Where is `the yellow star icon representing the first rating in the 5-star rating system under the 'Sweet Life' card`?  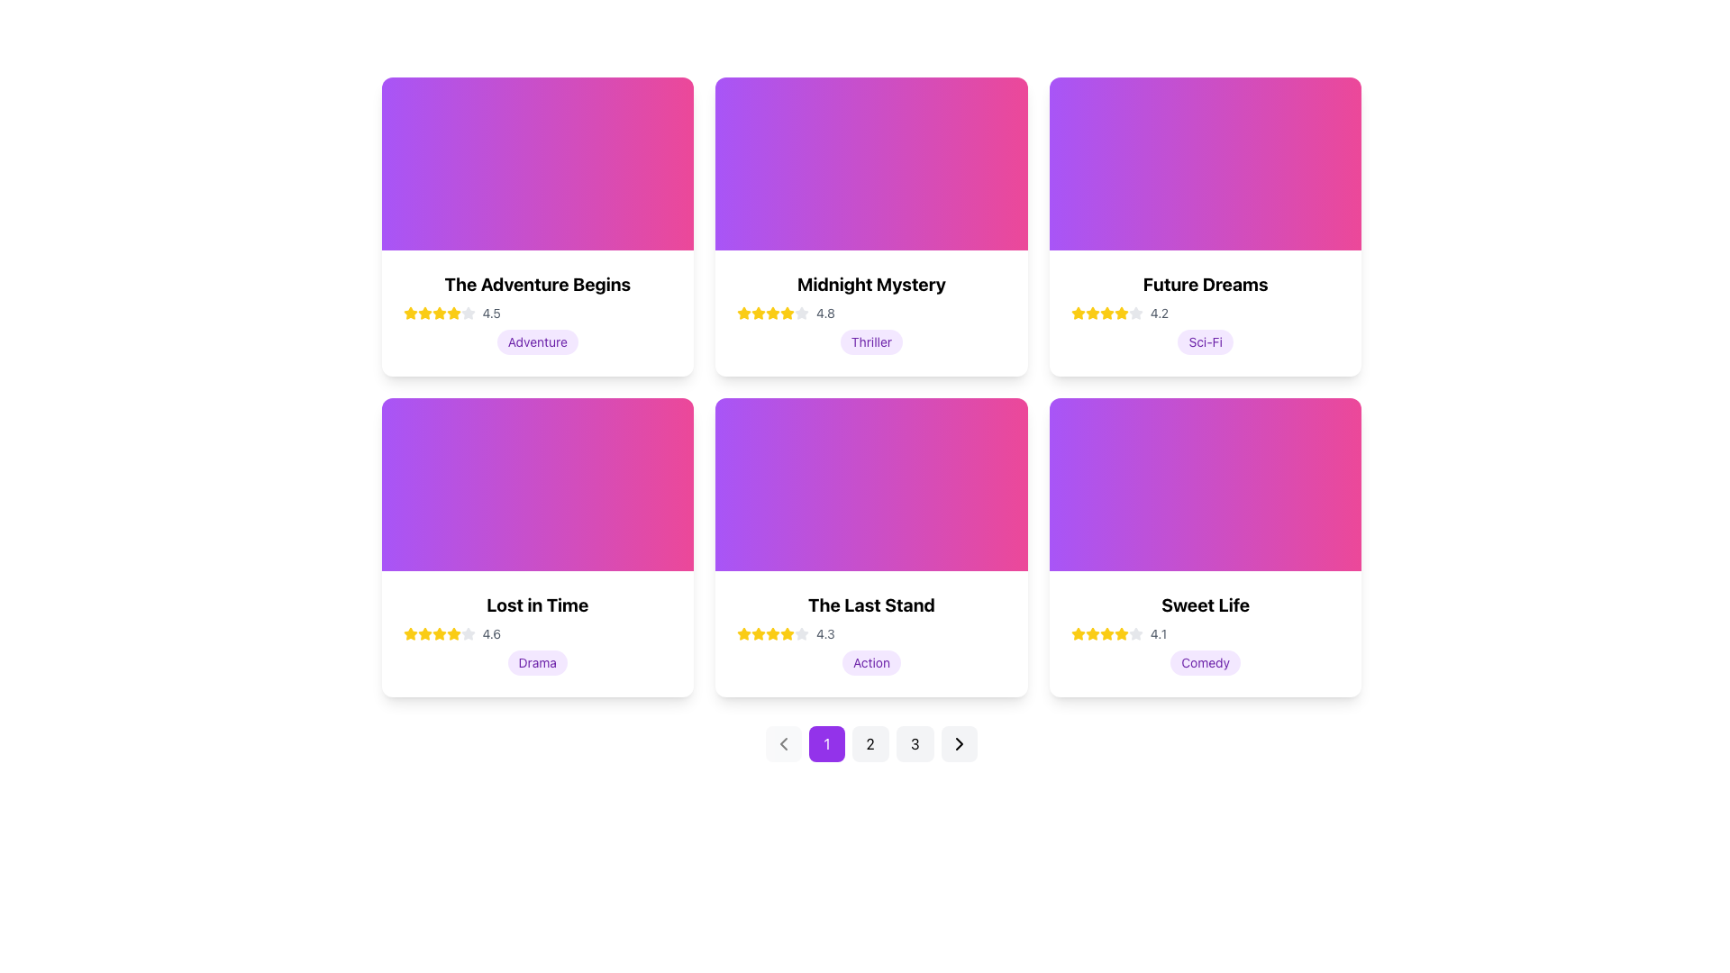
the yellow star icon representing the first rating in the 5-star rating system under the 'Sweet Life' card is located at coordinates (1091, 632).